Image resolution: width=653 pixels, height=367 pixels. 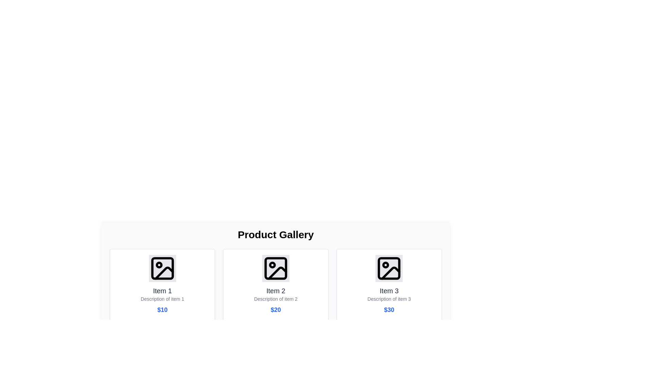 I want to click on the product card displaying 'Item 3' in the grid layout, located in the first row and third column, so click(x=389, y=284).